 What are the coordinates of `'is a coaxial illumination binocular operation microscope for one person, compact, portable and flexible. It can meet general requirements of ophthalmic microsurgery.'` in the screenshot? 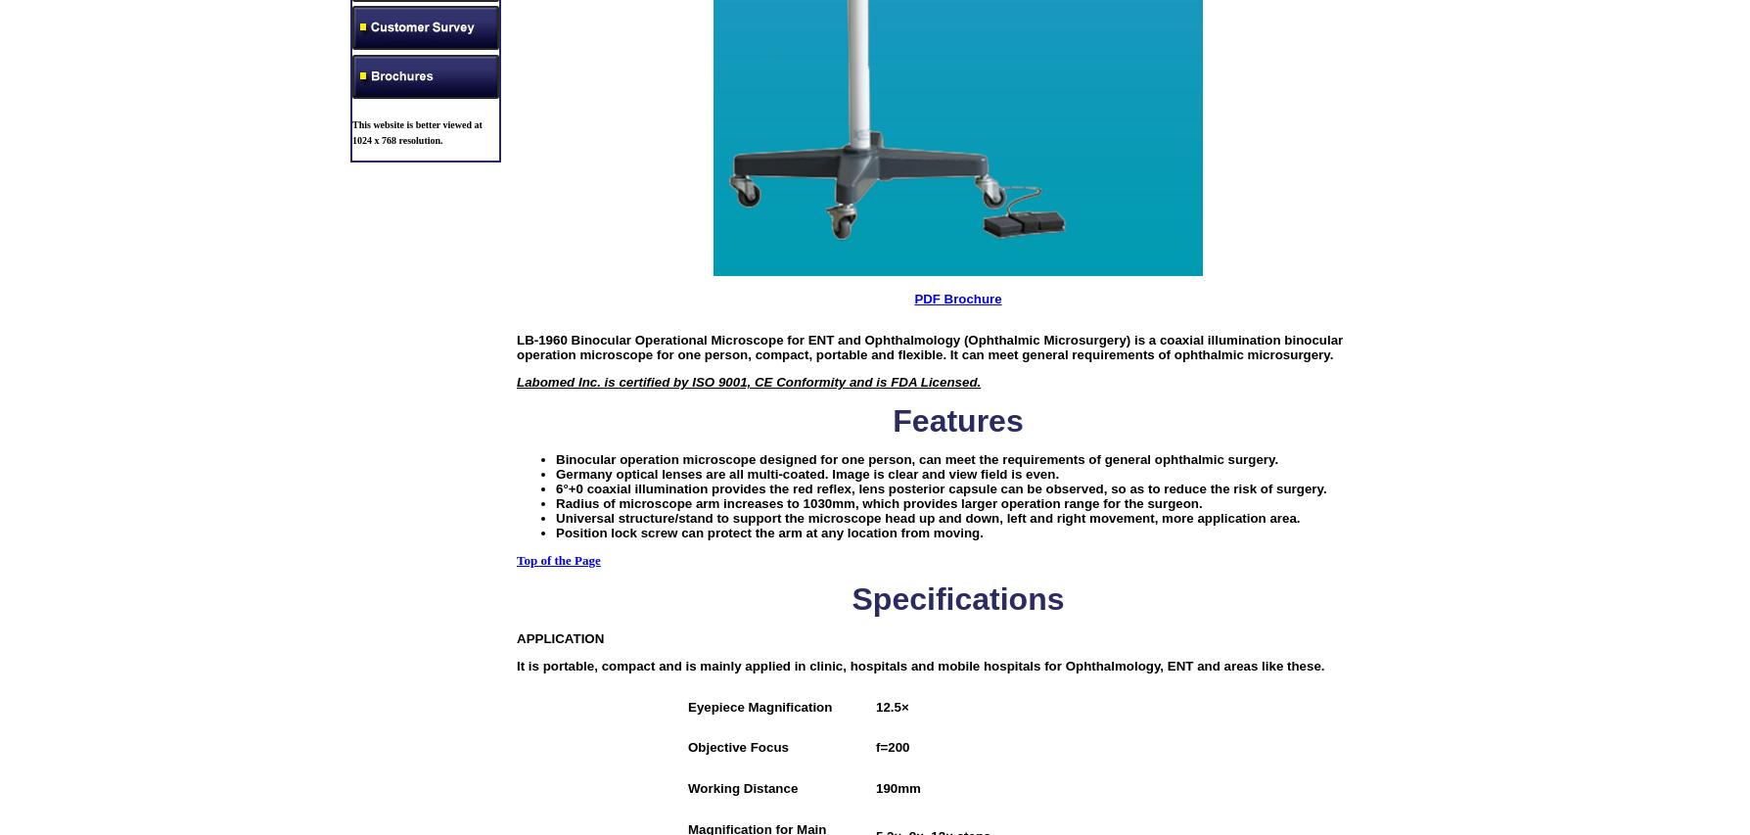 It's located at (516, 347).